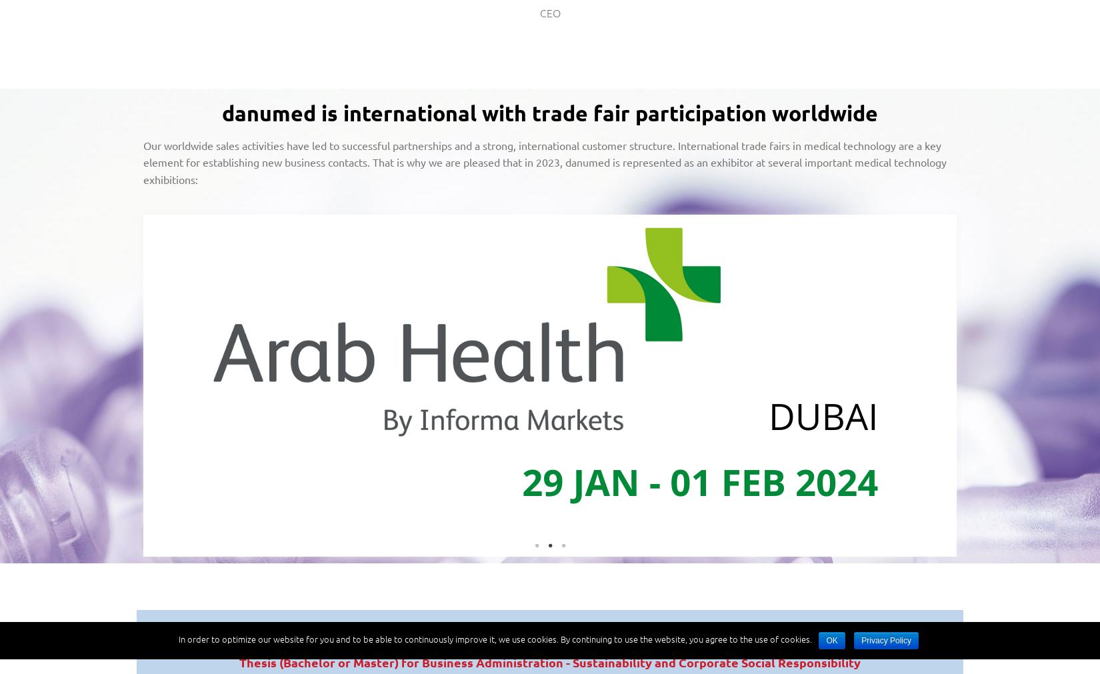  Describe the element at coordinates (550, 112) in the screenshot. I see `'danumed is international with trade fair participation worldwide'` at that location.